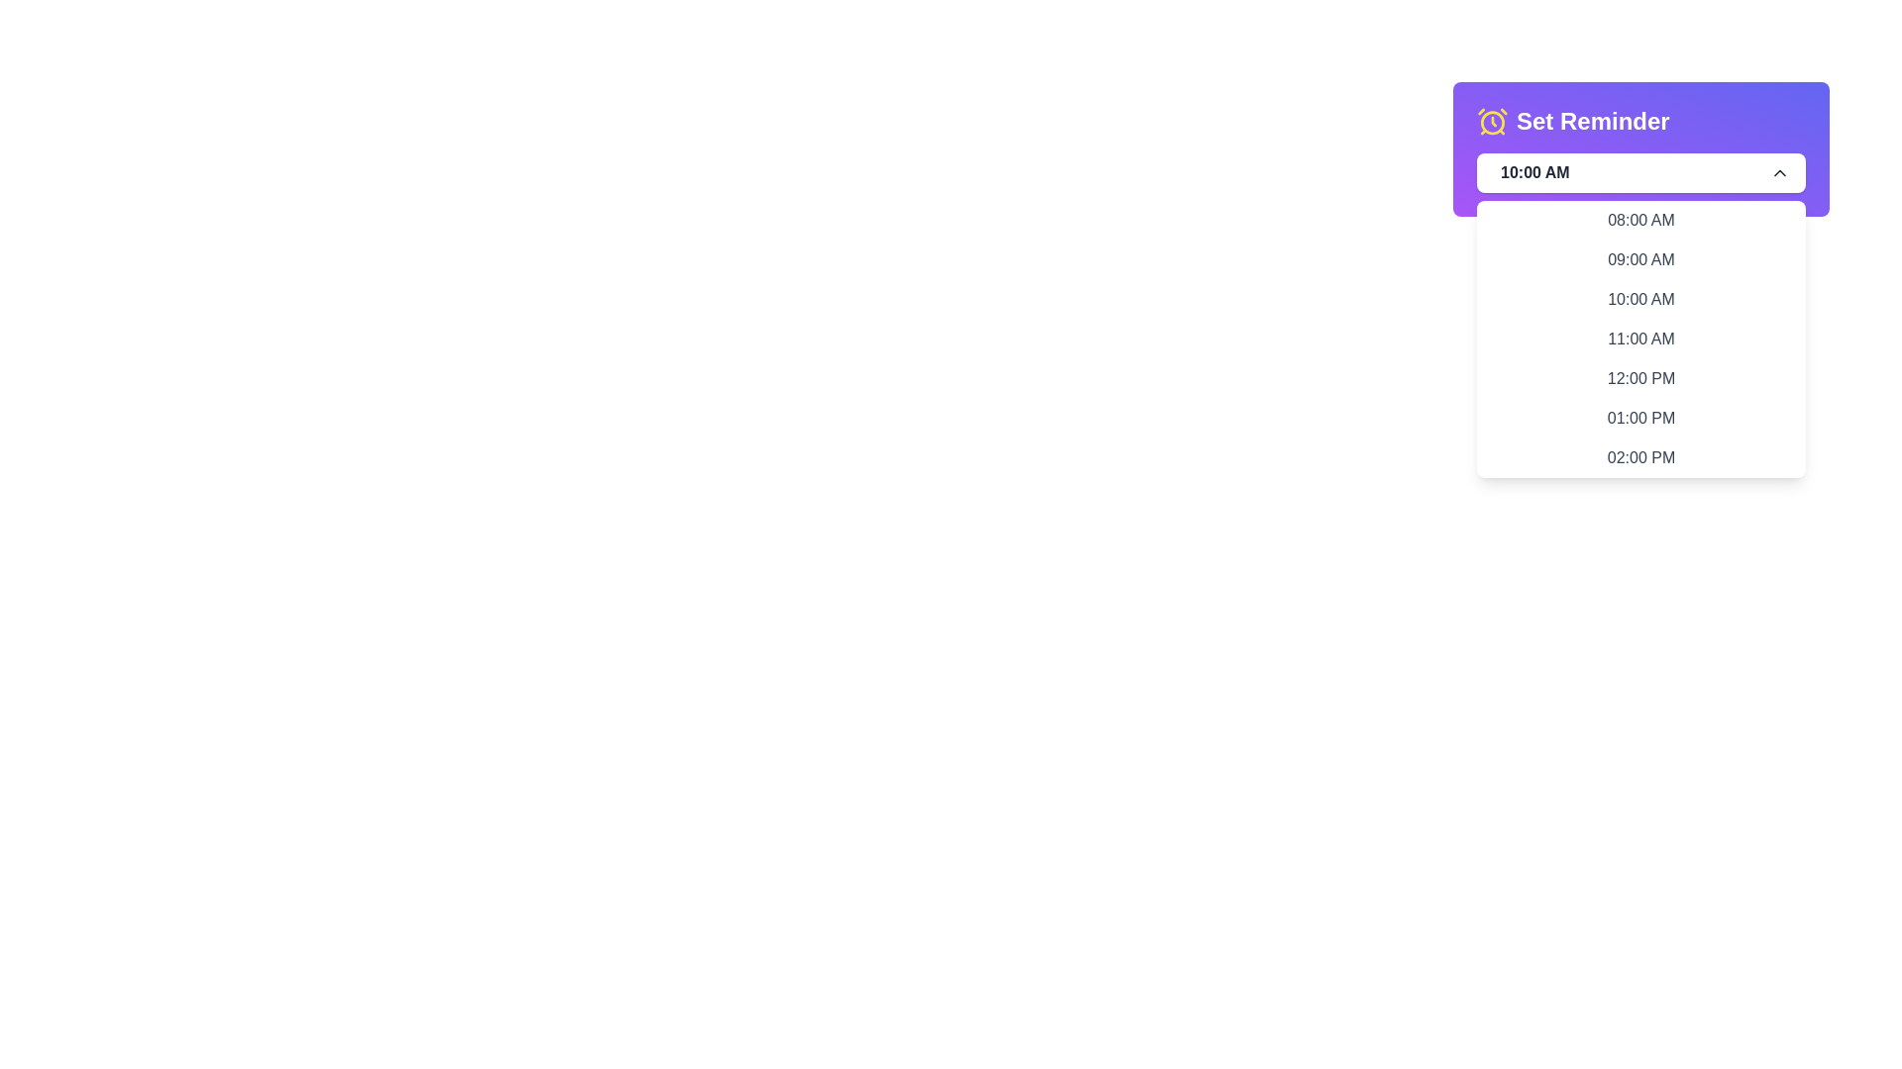 This screenshot has width=1902, height=1069. Describe the element at coordinates (1572, 122) in the screenshot. I see `the 'Set Reminder' text label with the yellow alarm clock icon, which is located near the top-right corner of the interface and has a purple background` at that location.